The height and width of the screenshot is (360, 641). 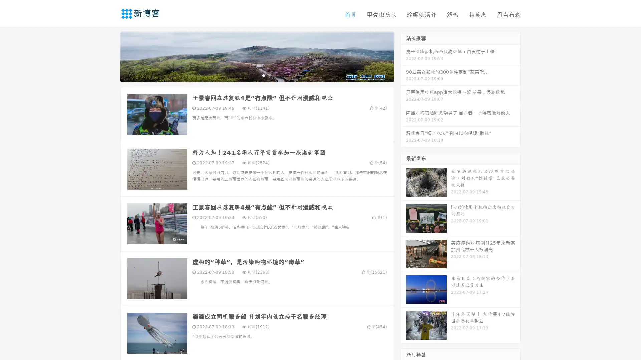 I want to click on Go to slide 1, so click(x=250, y=75).